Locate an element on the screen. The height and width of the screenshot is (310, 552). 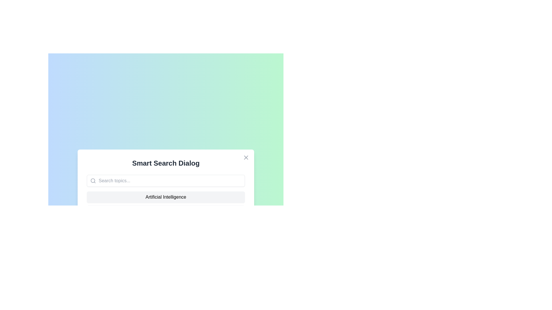
close button (X) to close the dialog is located at coordinates (246, 157).